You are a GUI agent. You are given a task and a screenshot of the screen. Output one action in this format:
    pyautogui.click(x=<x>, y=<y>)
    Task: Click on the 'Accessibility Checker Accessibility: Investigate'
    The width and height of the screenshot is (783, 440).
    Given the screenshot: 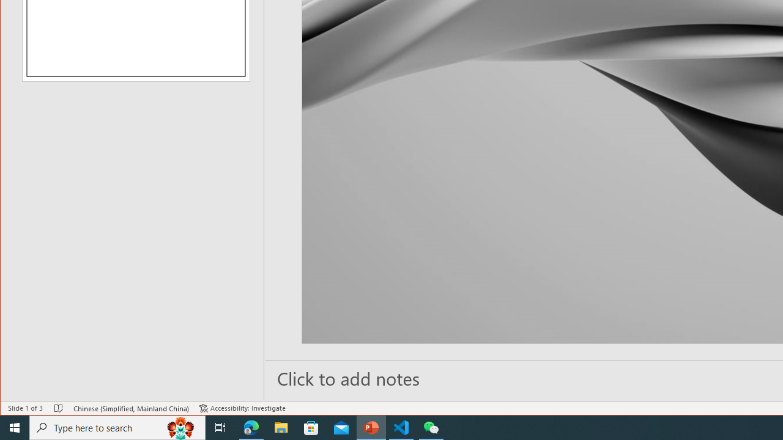 What is the action you would take?
    pyautogui.click(x=242, y=408)
    